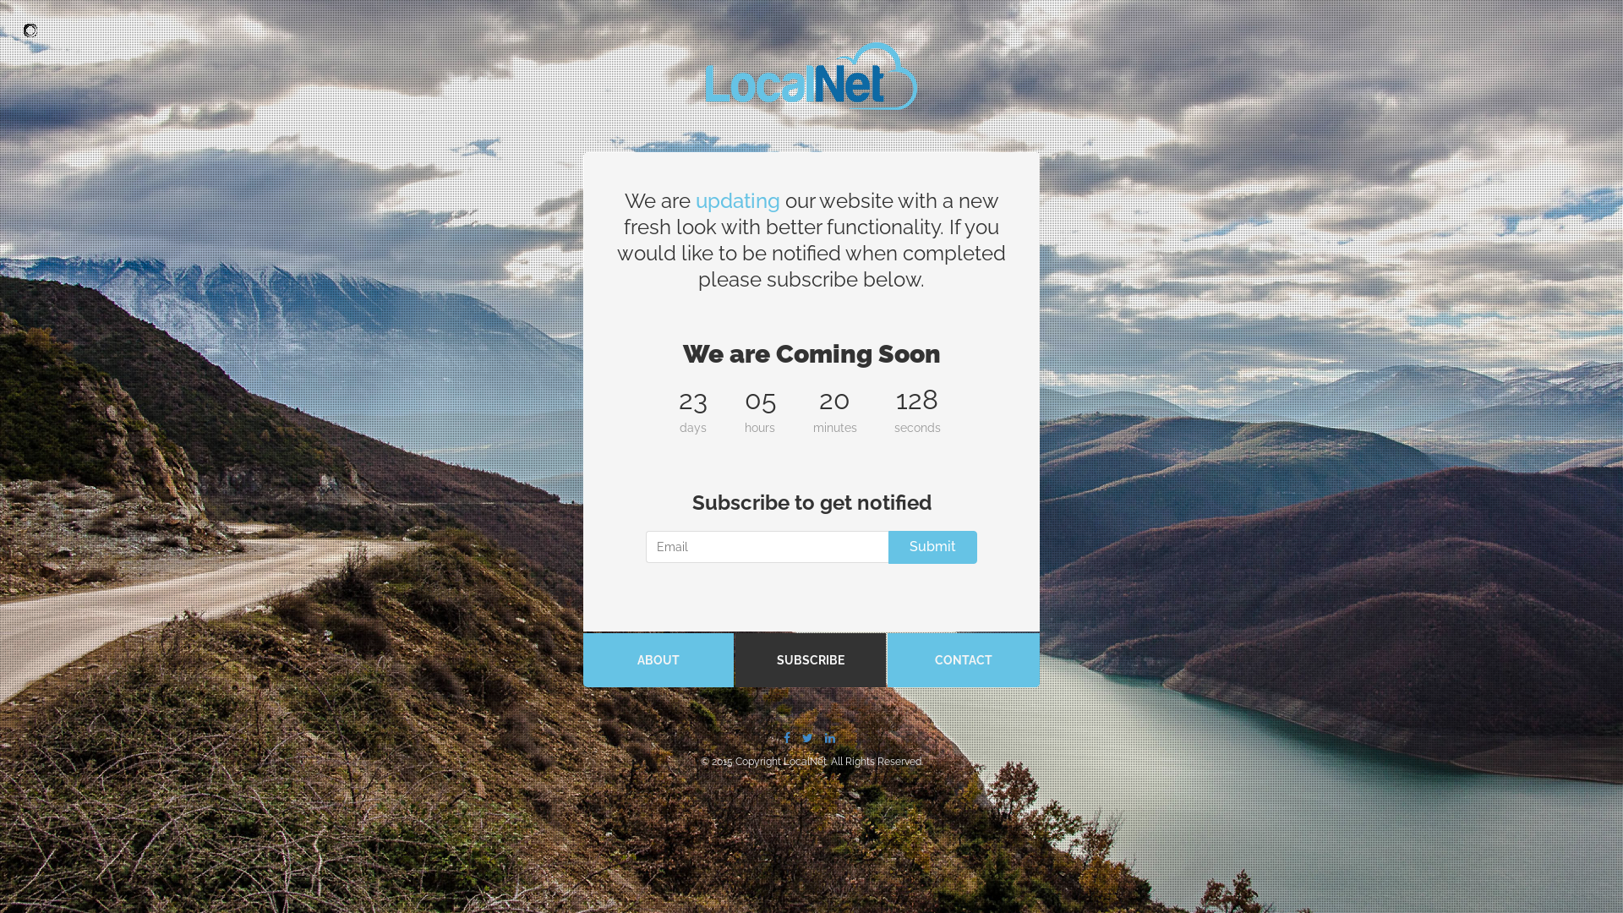 The height and width of the screenshot is (913, 1623). I want to click on 'CONTACT', so click(887, 659).